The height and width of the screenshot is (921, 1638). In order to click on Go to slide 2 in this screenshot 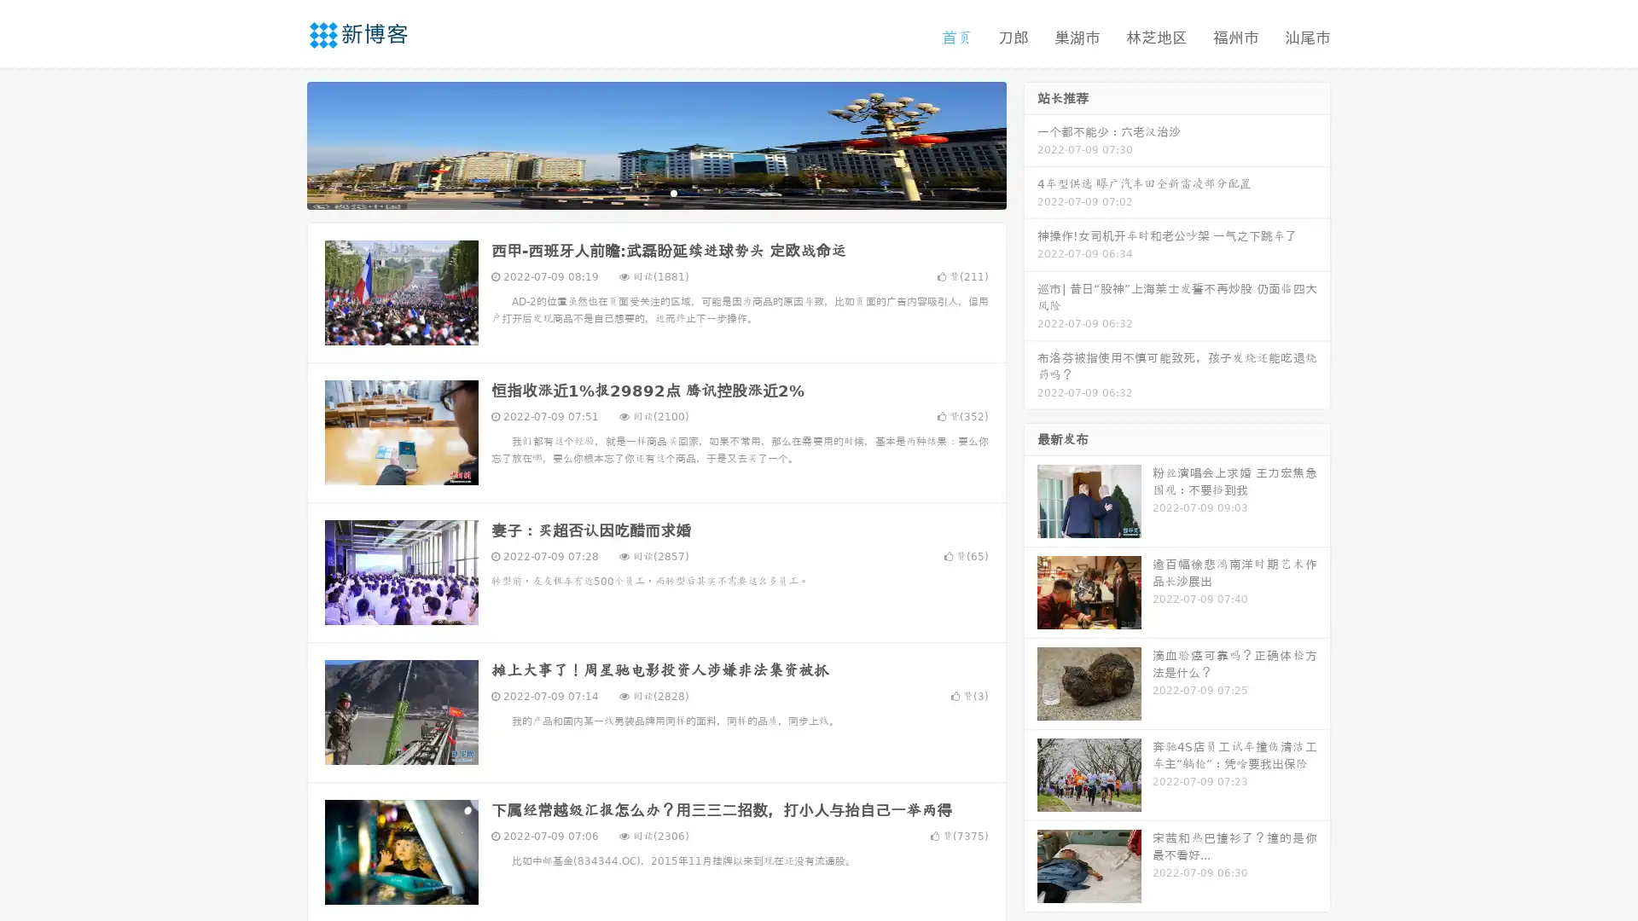, I will do `click(655, 192)`.